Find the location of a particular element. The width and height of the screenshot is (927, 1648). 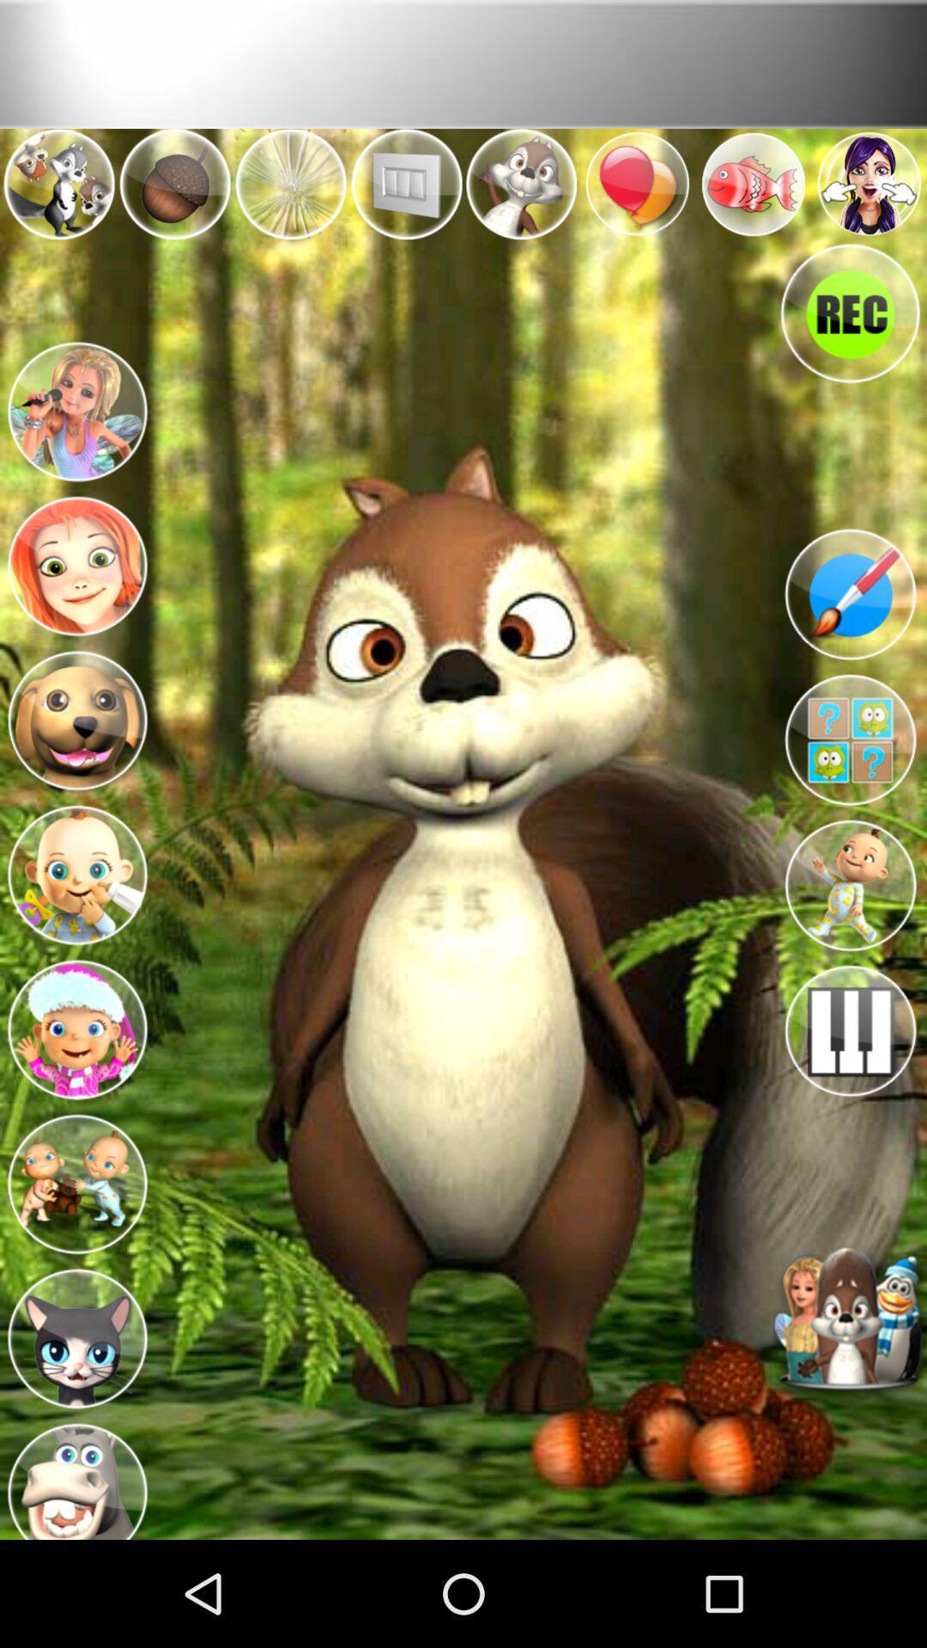

the avatar icon is located at coordinates (76, 930).